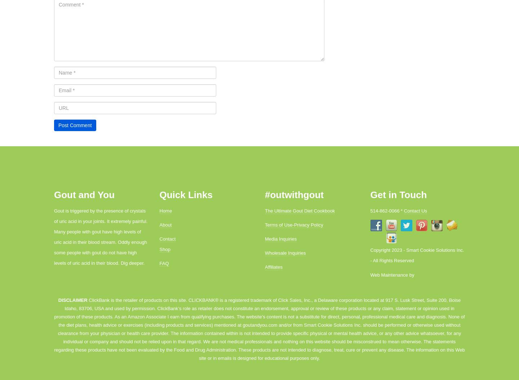 Image resolution: width=519 pixels, height=380 pixels. Describe the element at coordinates (167, 238) in the screenshot. I see `'Contact'` at that location.